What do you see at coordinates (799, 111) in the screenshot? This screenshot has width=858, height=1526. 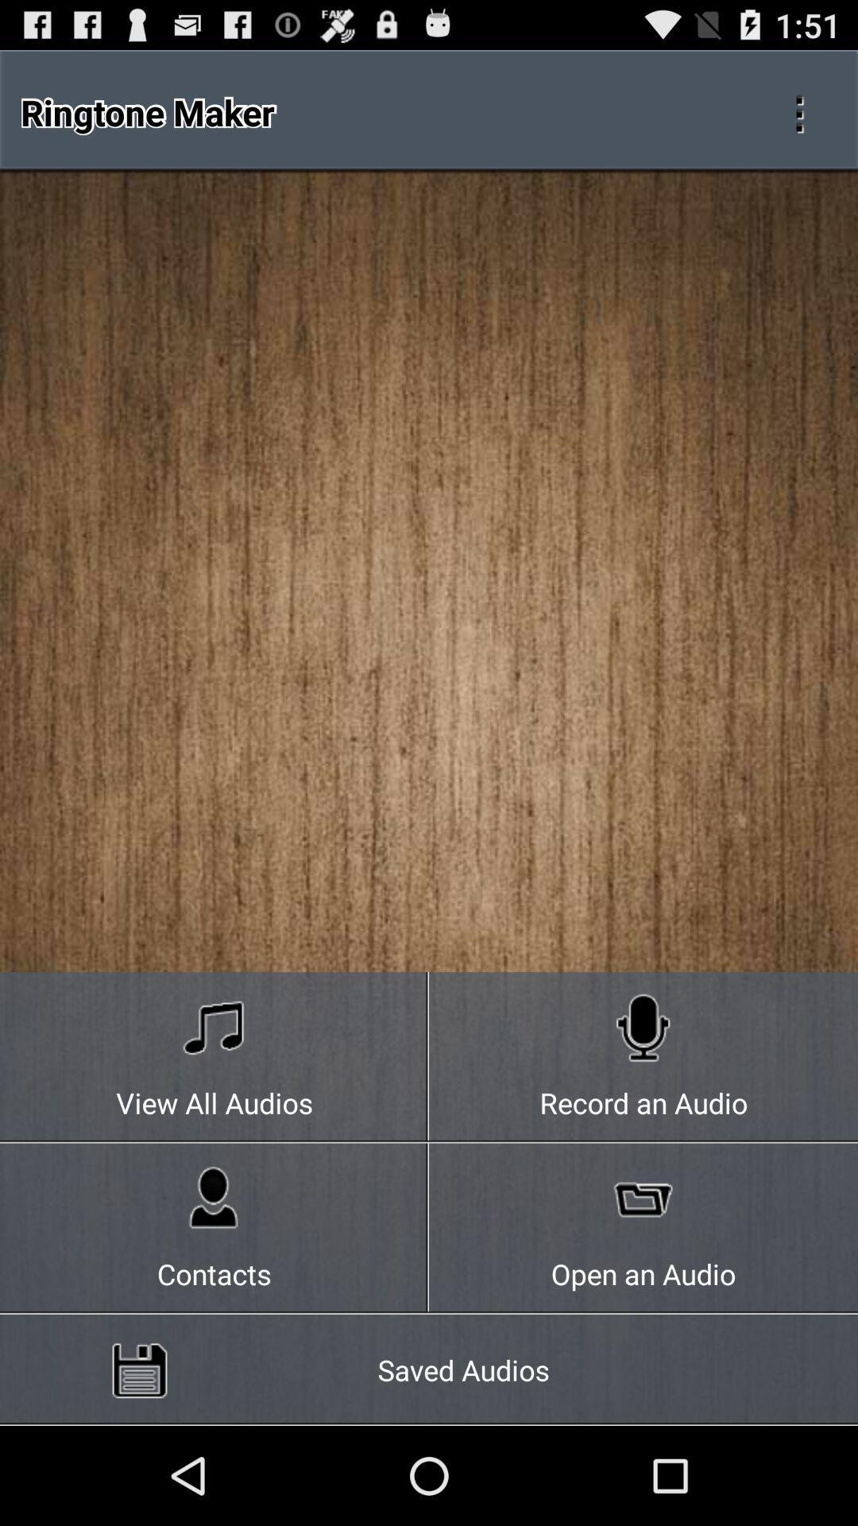 I see `which is used to cut and joining the audio file` at bounding box center [799, 111].